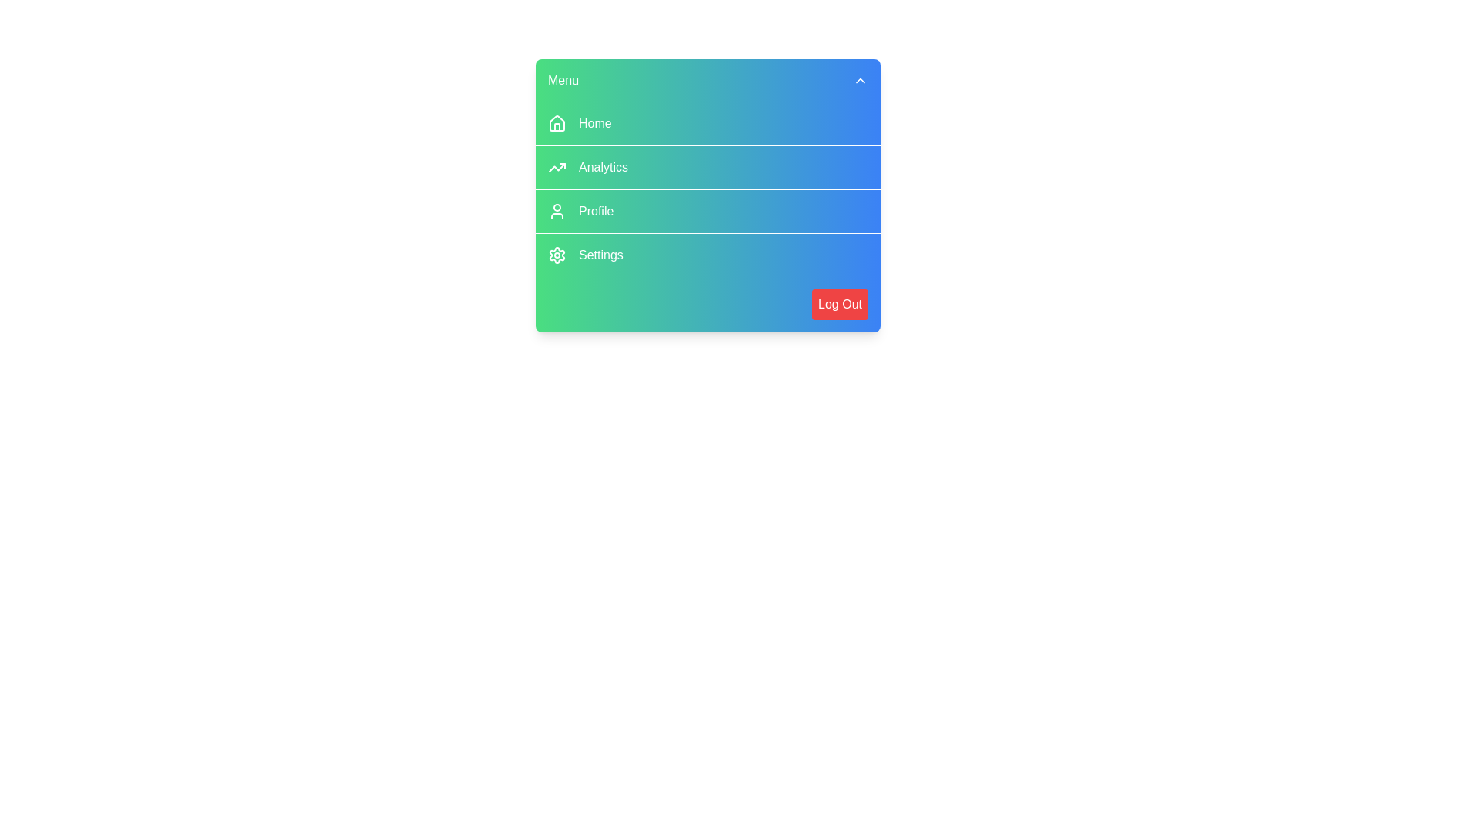 This screenshot has width=1478, height=831. Describe the element at coordinates (707, 123) in the screenshot. I see `the menu item Home to trigger its hover effect` at that location.